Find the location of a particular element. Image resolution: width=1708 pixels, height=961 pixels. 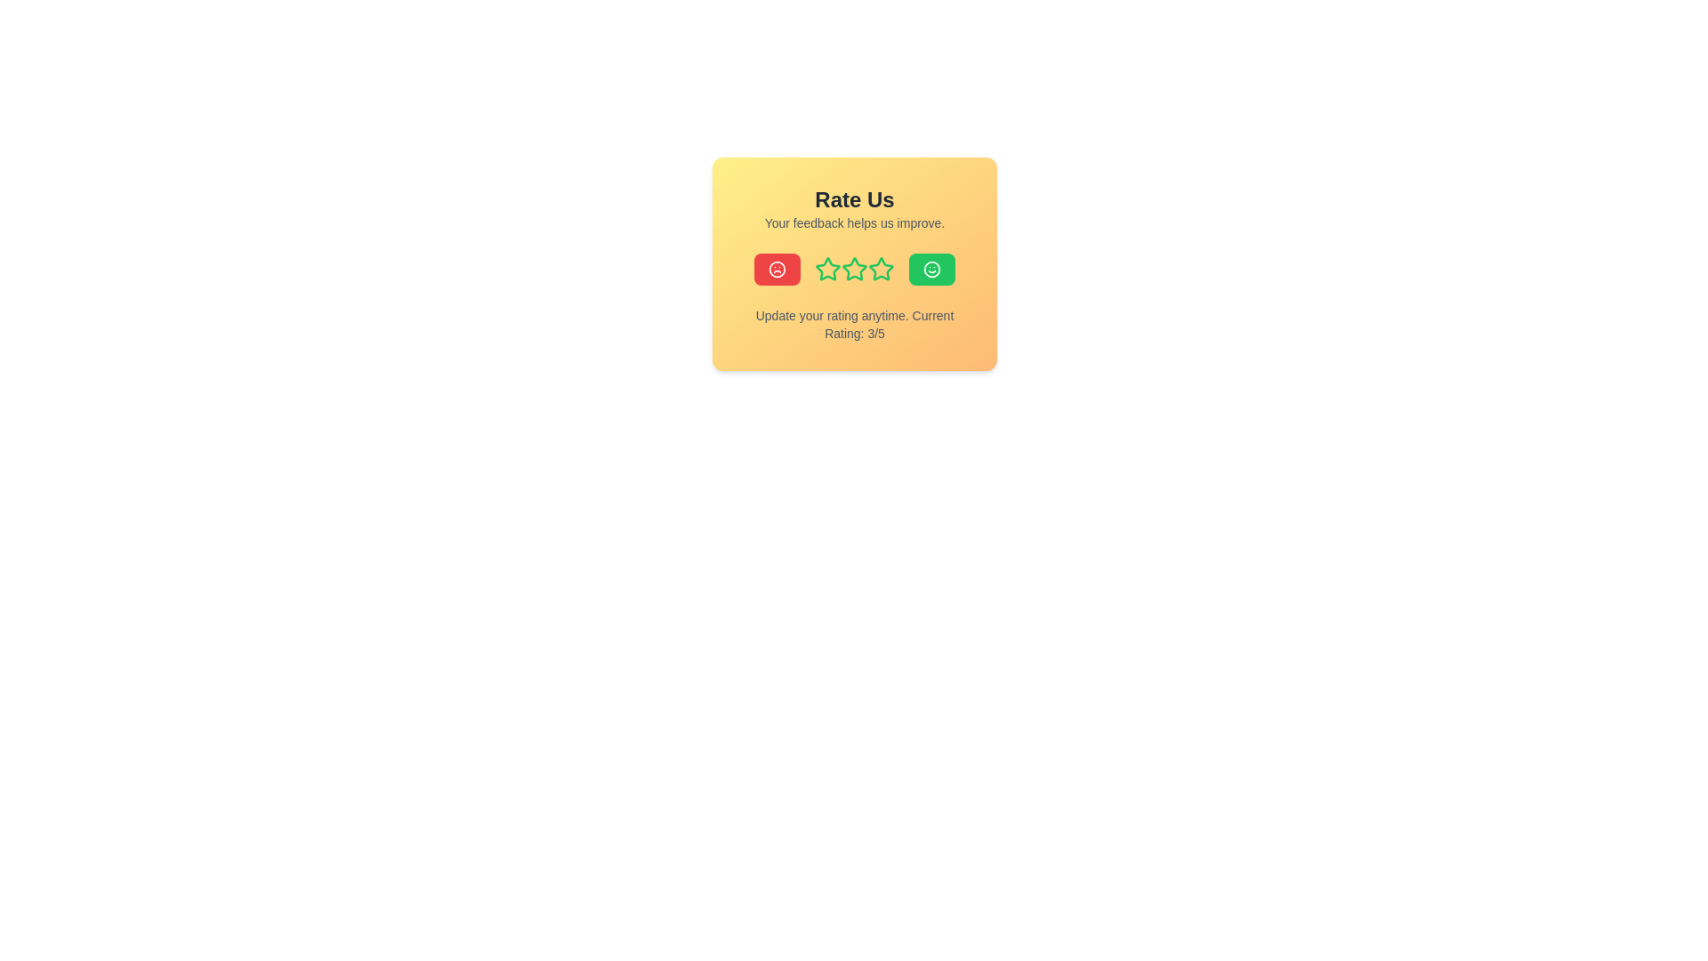

the third star icon in the rating interface is located at coordinates (854, 270).